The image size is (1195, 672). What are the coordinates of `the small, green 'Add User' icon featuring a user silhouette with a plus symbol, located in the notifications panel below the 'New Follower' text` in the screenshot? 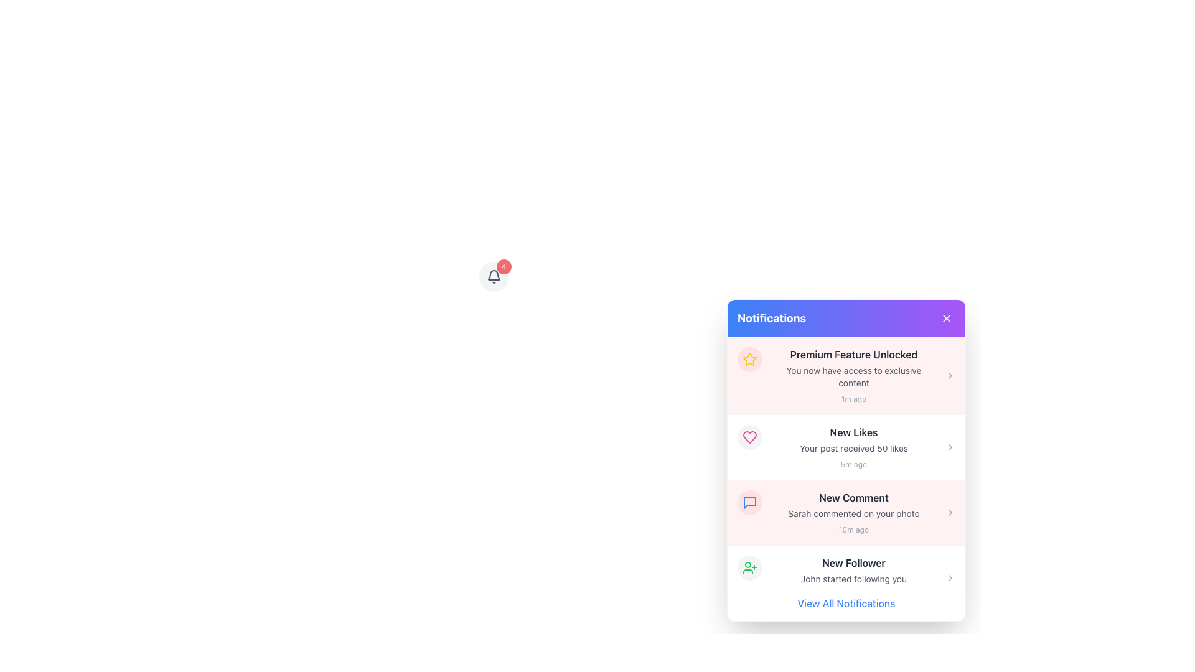 It's located at (749, 568).